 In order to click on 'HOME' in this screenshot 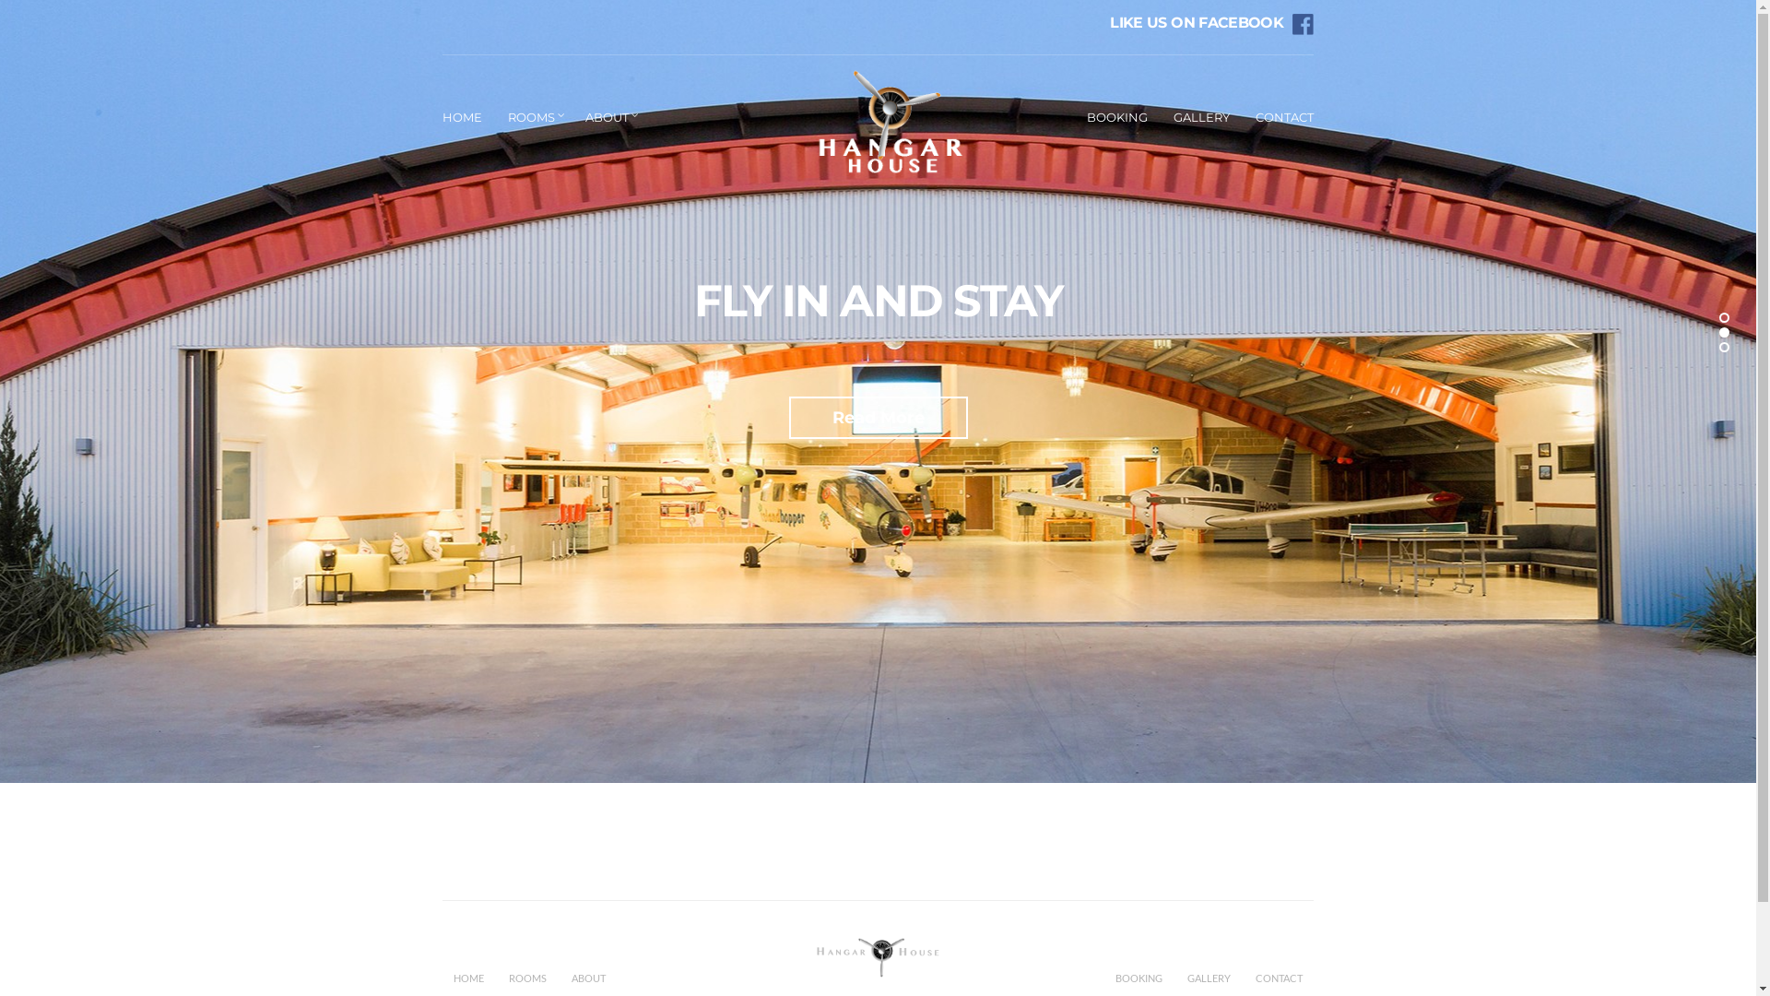, I will do `click(442, 120)`.